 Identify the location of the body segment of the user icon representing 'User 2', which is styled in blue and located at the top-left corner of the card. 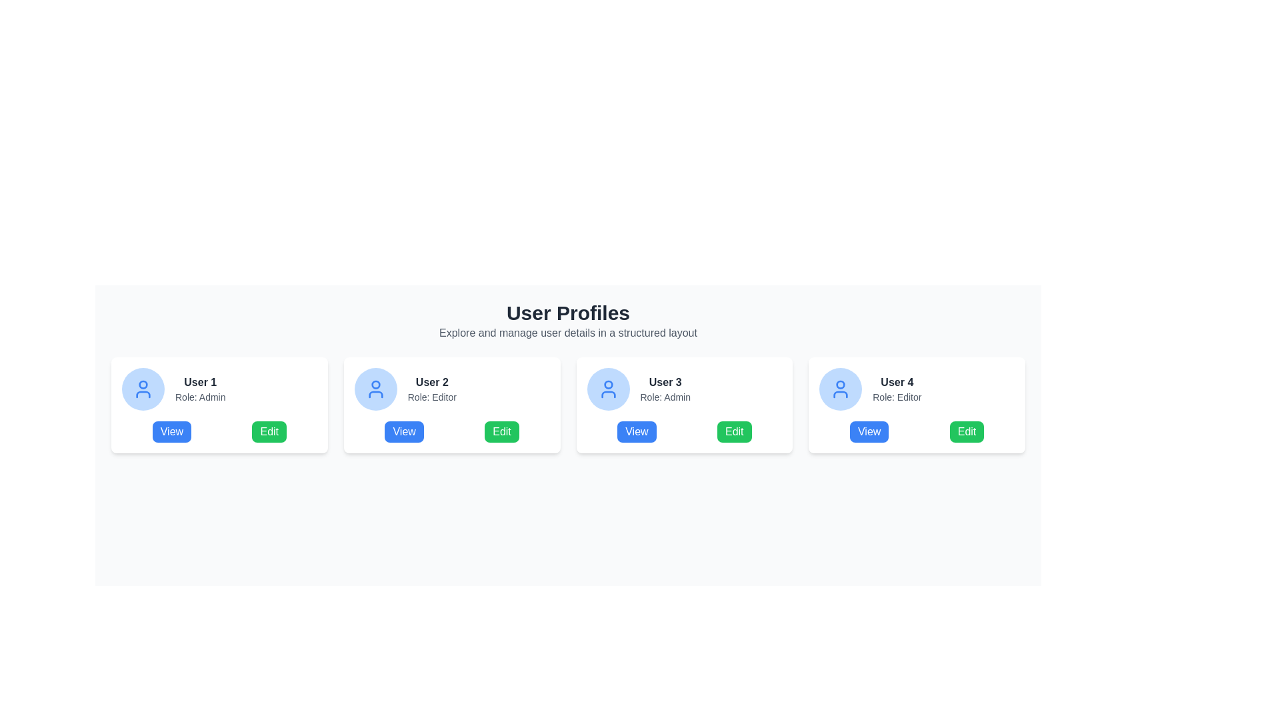
(375, 393).